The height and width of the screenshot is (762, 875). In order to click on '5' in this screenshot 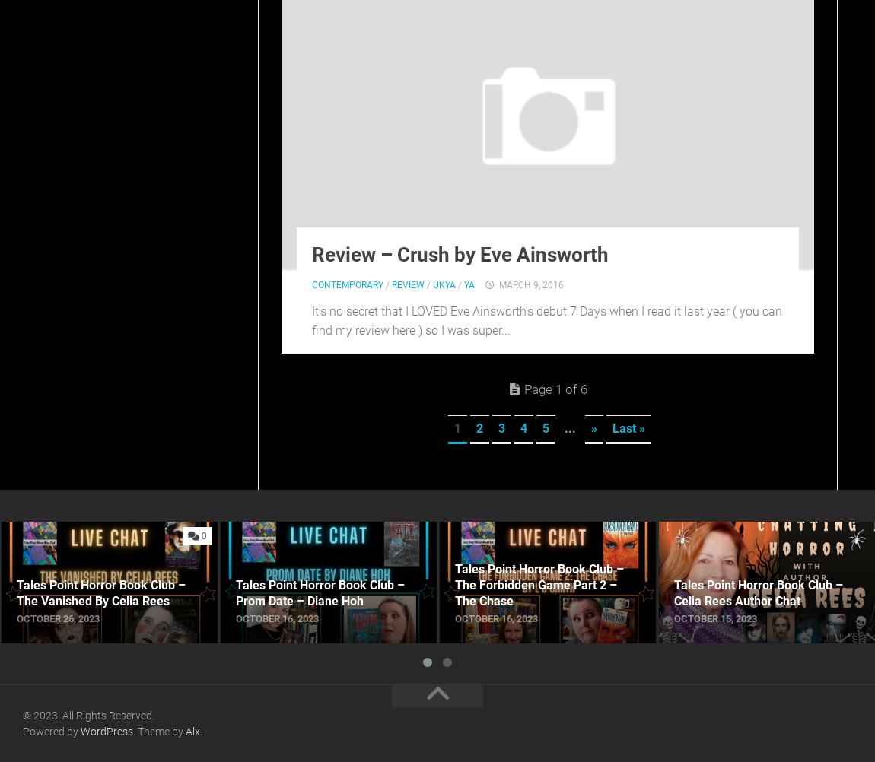, I will do `click(540, 427)`.